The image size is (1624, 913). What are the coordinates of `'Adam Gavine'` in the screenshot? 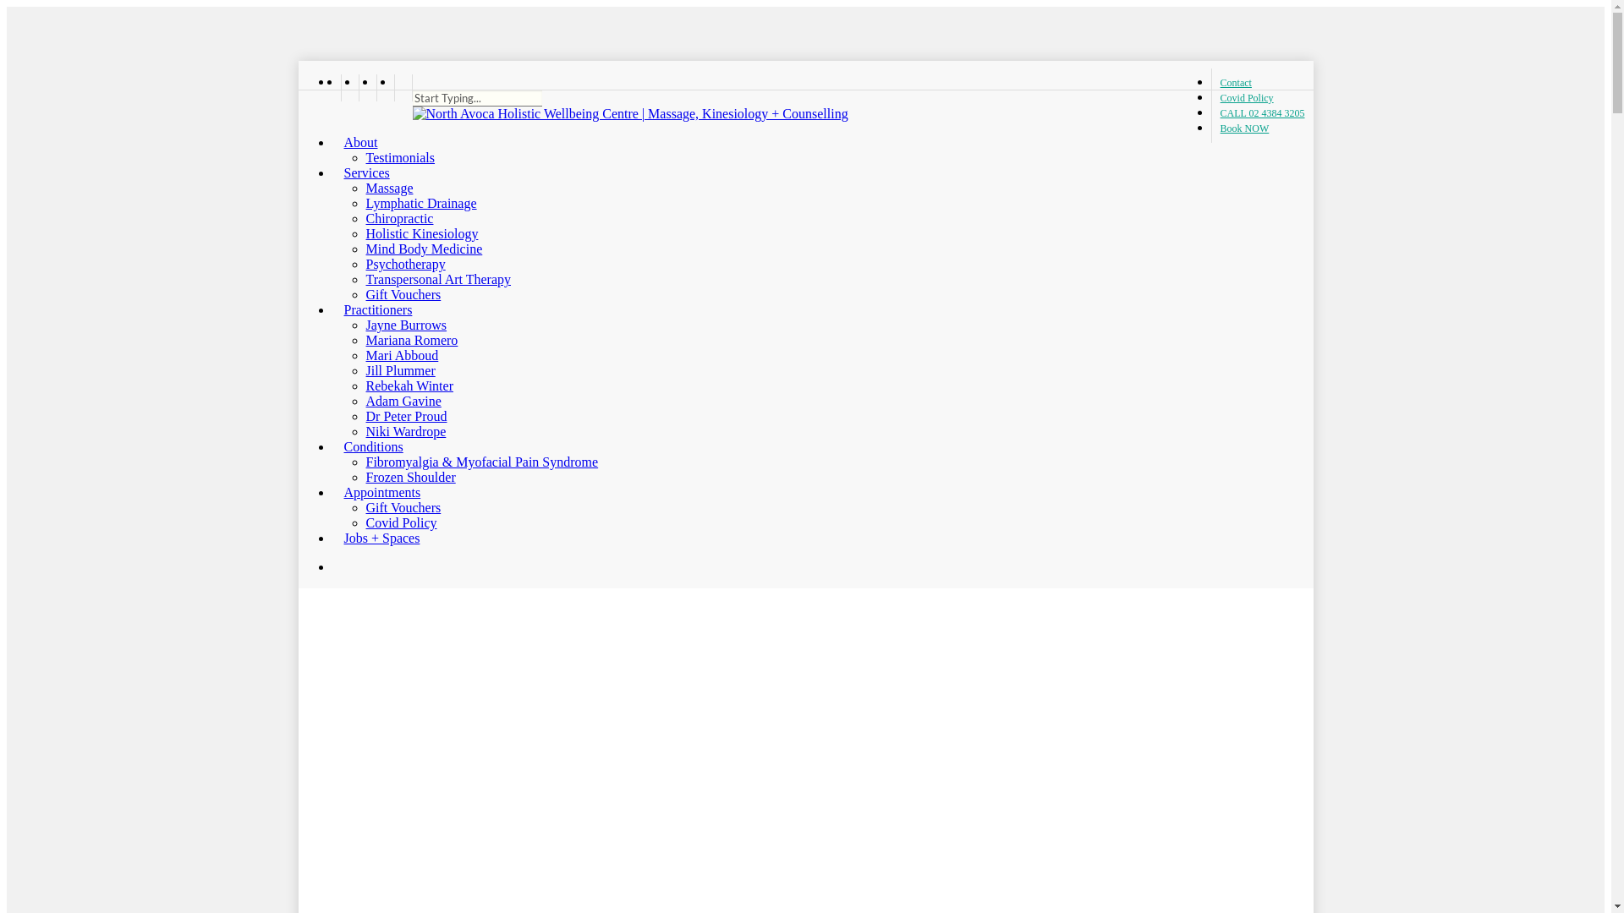 It's located at (402, 401).